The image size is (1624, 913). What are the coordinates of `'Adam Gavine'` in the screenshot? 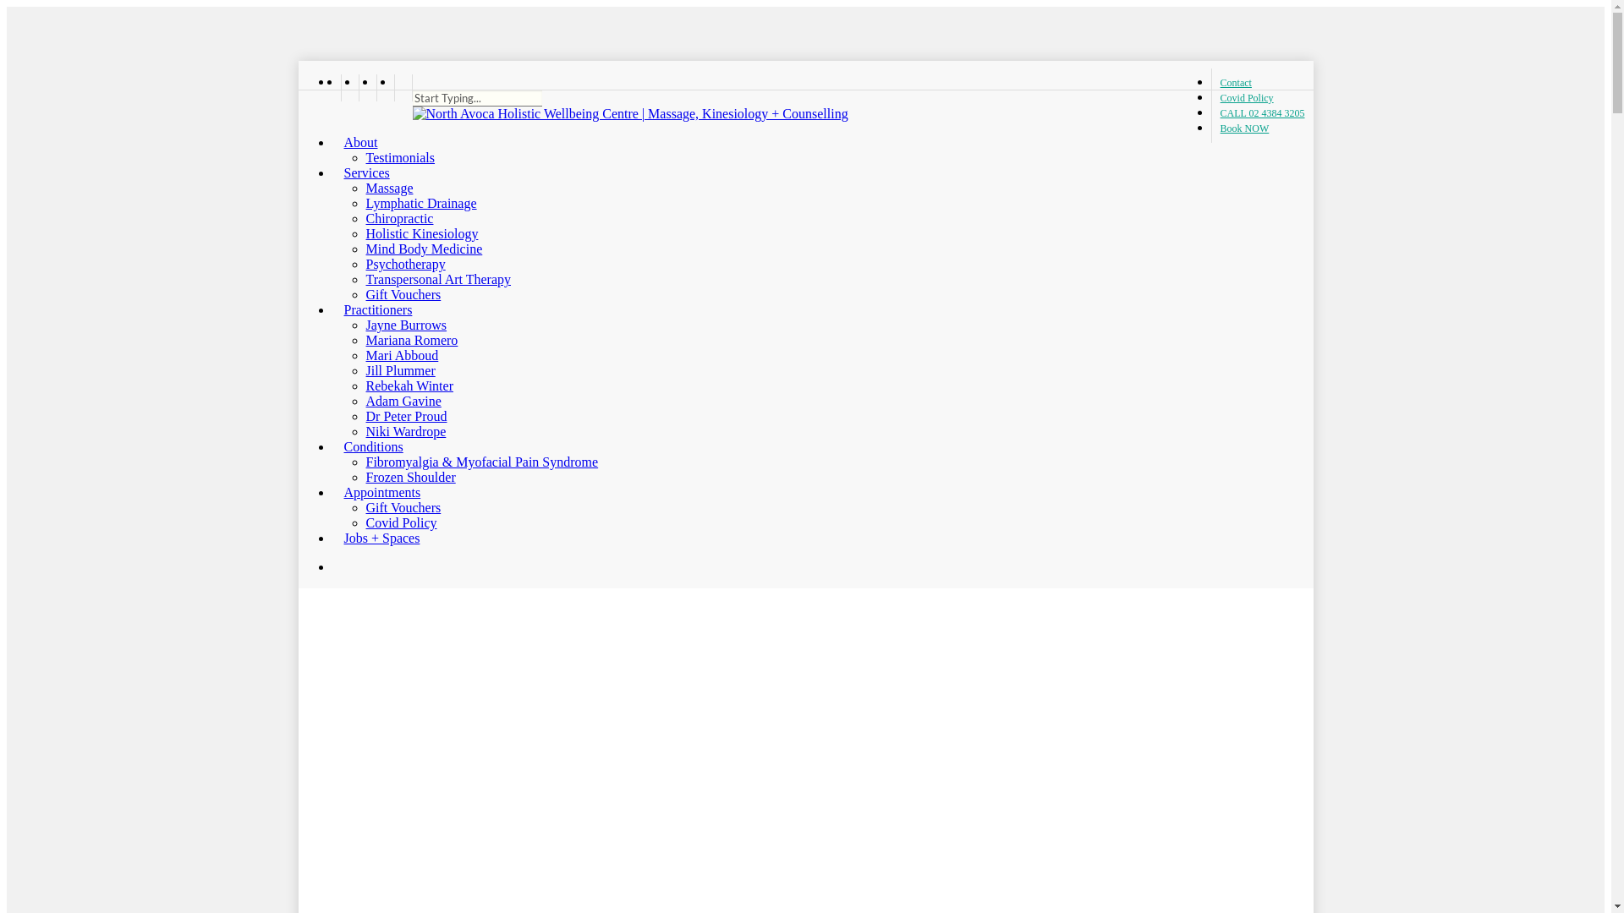 It's located at (402, 401).